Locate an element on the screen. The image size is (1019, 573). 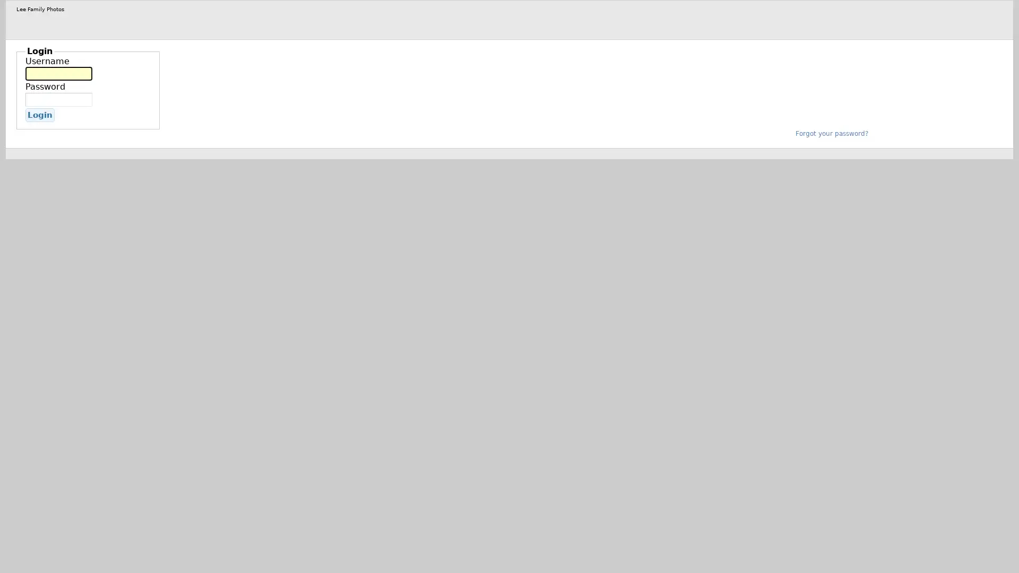
Login is located at coordinates (39, 115).